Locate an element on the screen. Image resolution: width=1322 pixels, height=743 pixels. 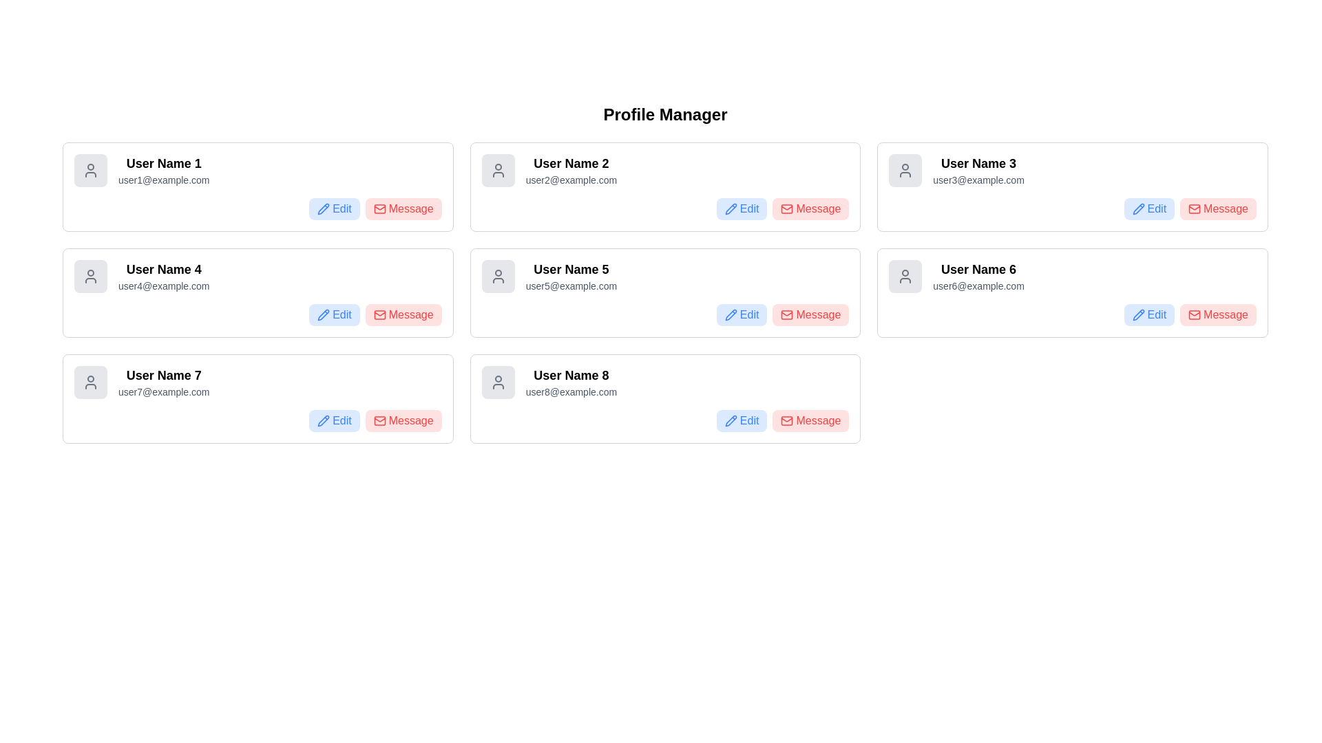
the 'Edit' text label styled in blue, which is part of a button with a light-blue background located at the bottom-right corner of the layout, associated with the profile card labeled 'User Name 8' is located at coordinates (748, 420).